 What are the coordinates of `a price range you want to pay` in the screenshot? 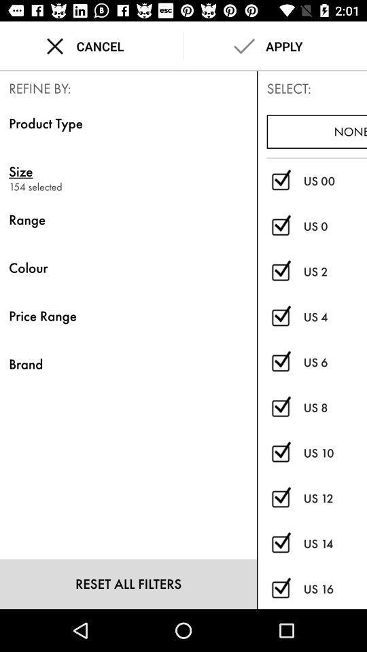 It's located at (280, 498).